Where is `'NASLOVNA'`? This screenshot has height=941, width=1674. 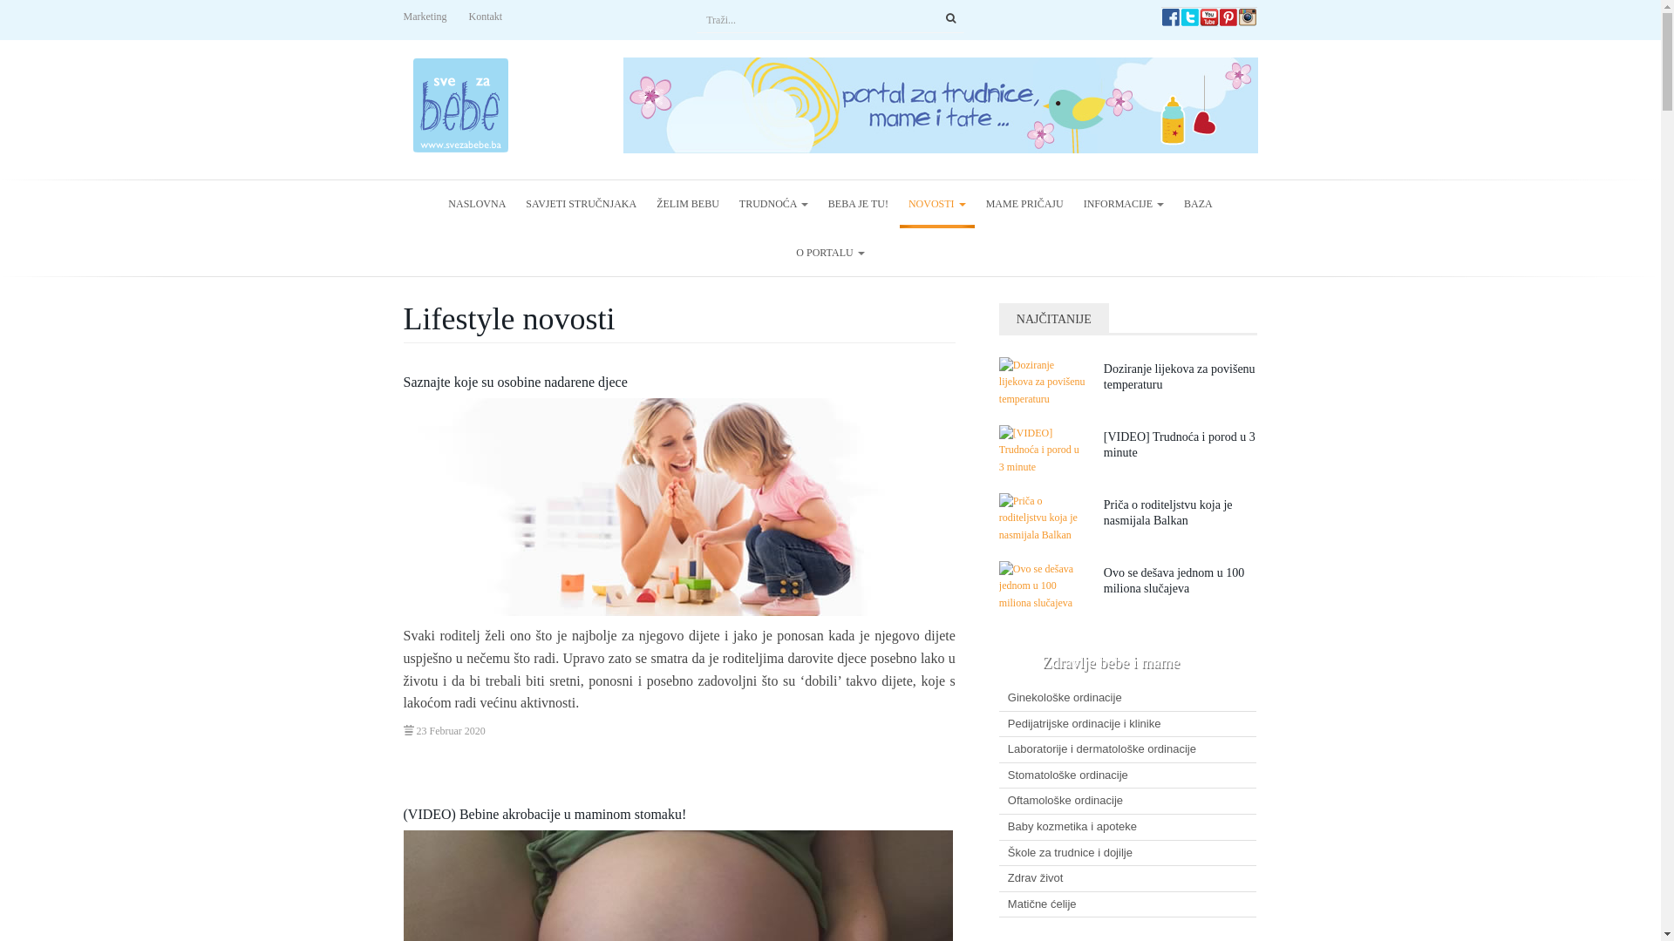 'NASLOVNA' is located at coordinates (477, 203).